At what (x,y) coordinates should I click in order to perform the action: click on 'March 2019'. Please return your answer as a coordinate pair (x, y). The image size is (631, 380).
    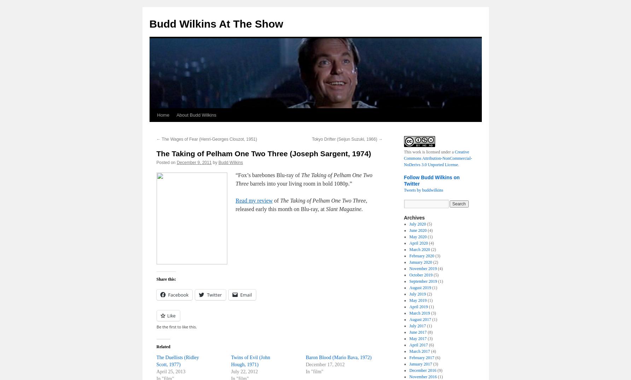
    Looking at the image, I should click on (419, 313).